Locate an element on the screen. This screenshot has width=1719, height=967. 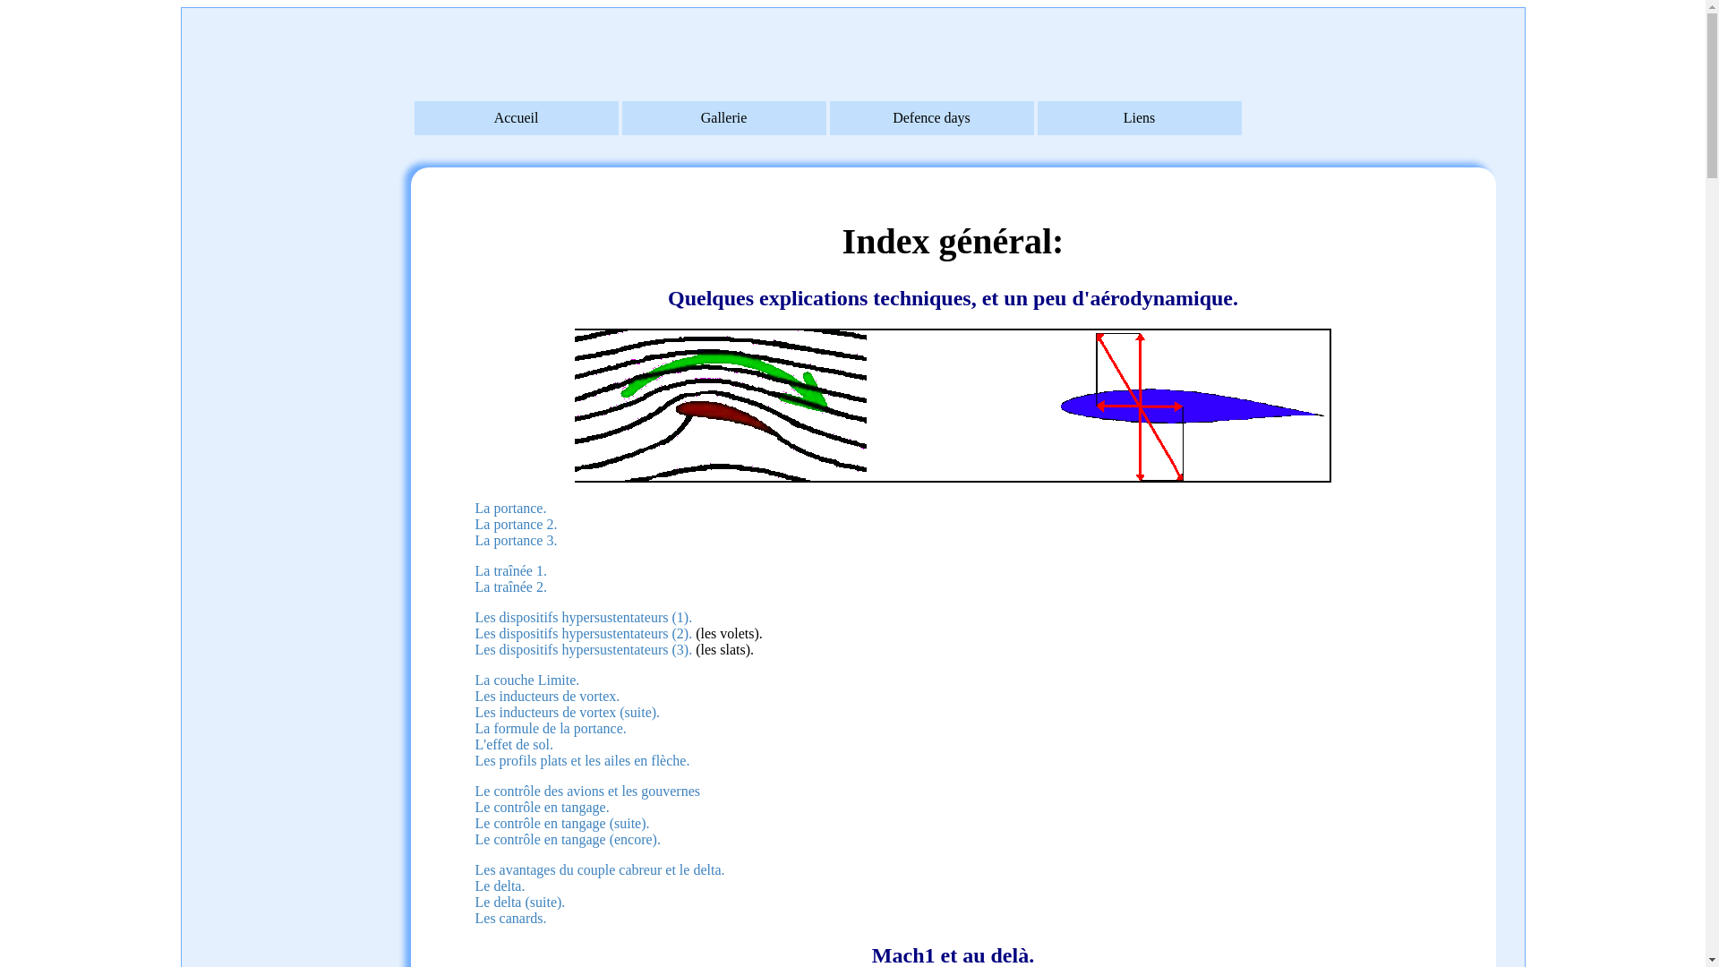
'Le delta.' is located at coordinates (499, 884).